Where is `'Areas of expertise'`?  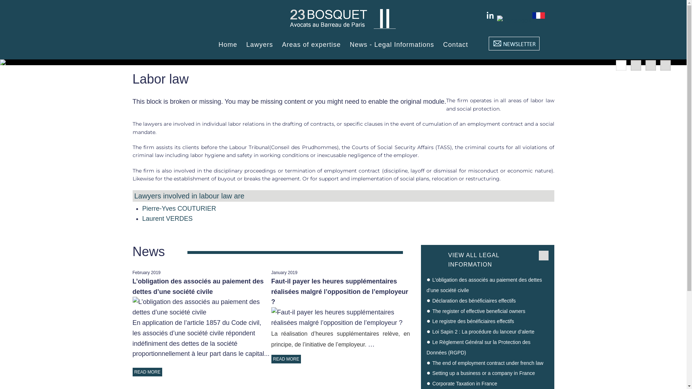
'Areas of expertise' is located at coordinates (311, 45).